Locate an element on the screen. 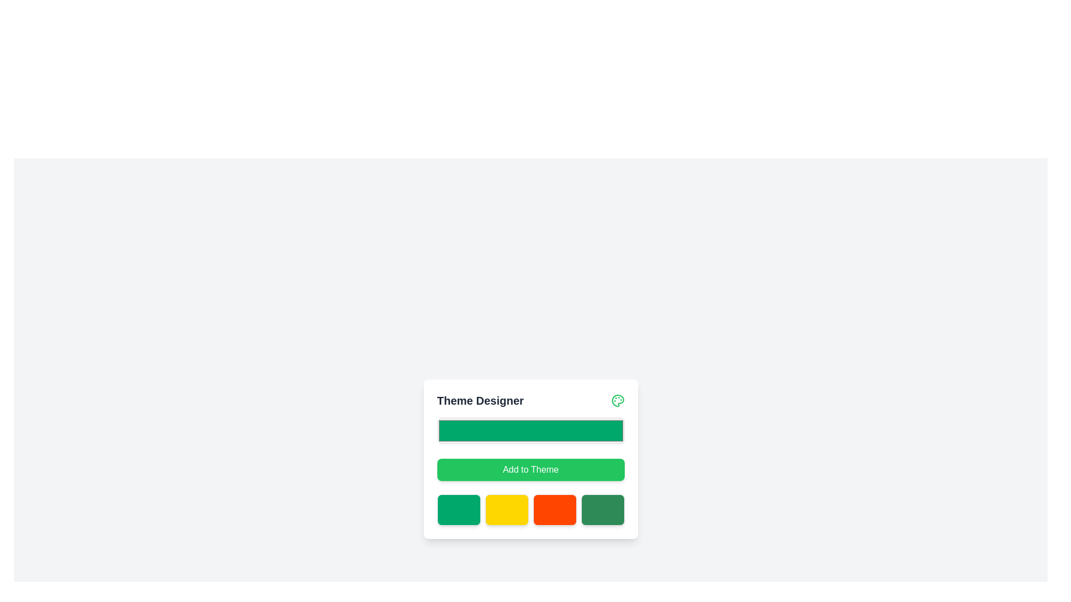 Image resolution: width=1071 pixels, height=602 pixels. the leftmost green button in the grid layout of the 'Theme Designer' panel is located at coordinates (459, 509).